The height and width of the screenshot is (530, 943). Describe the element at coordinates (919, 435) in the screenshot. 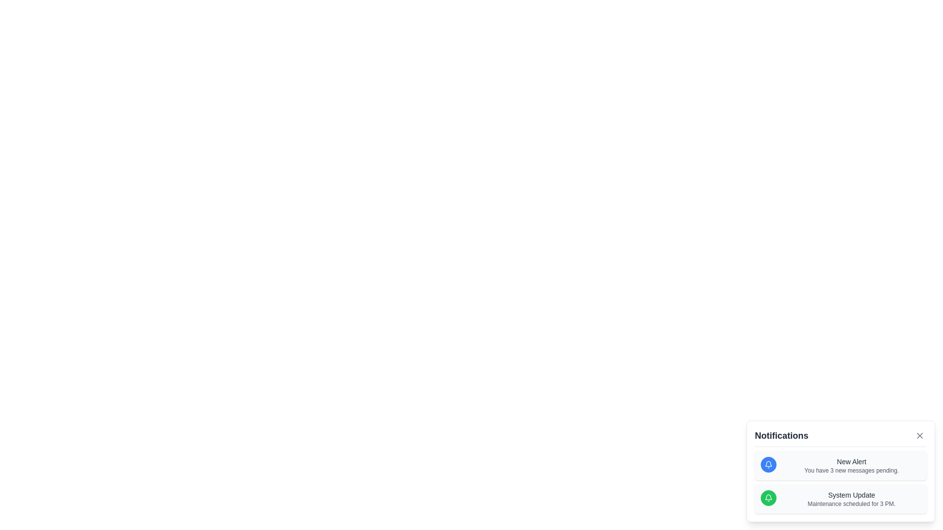

I see `the 'X' icon button located at the top-right corner of the notification card` at that location.